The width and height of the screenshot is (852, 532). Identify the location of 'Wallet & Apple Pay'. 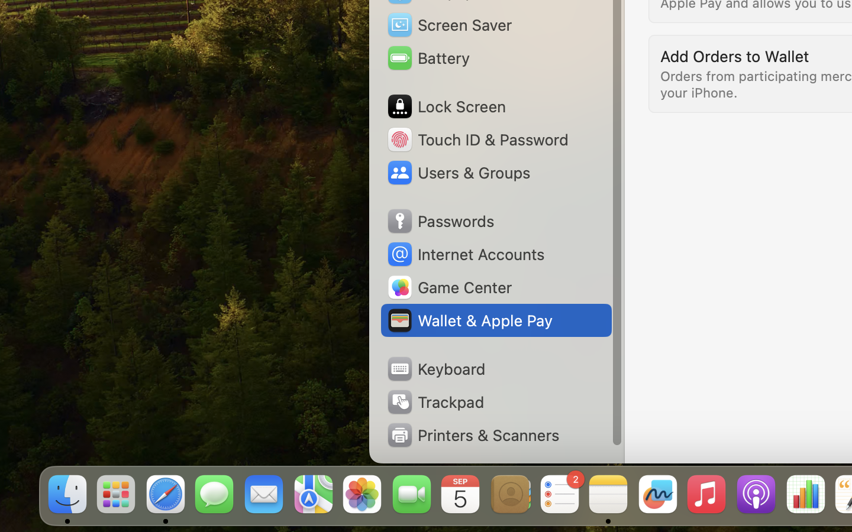
(469, 319).